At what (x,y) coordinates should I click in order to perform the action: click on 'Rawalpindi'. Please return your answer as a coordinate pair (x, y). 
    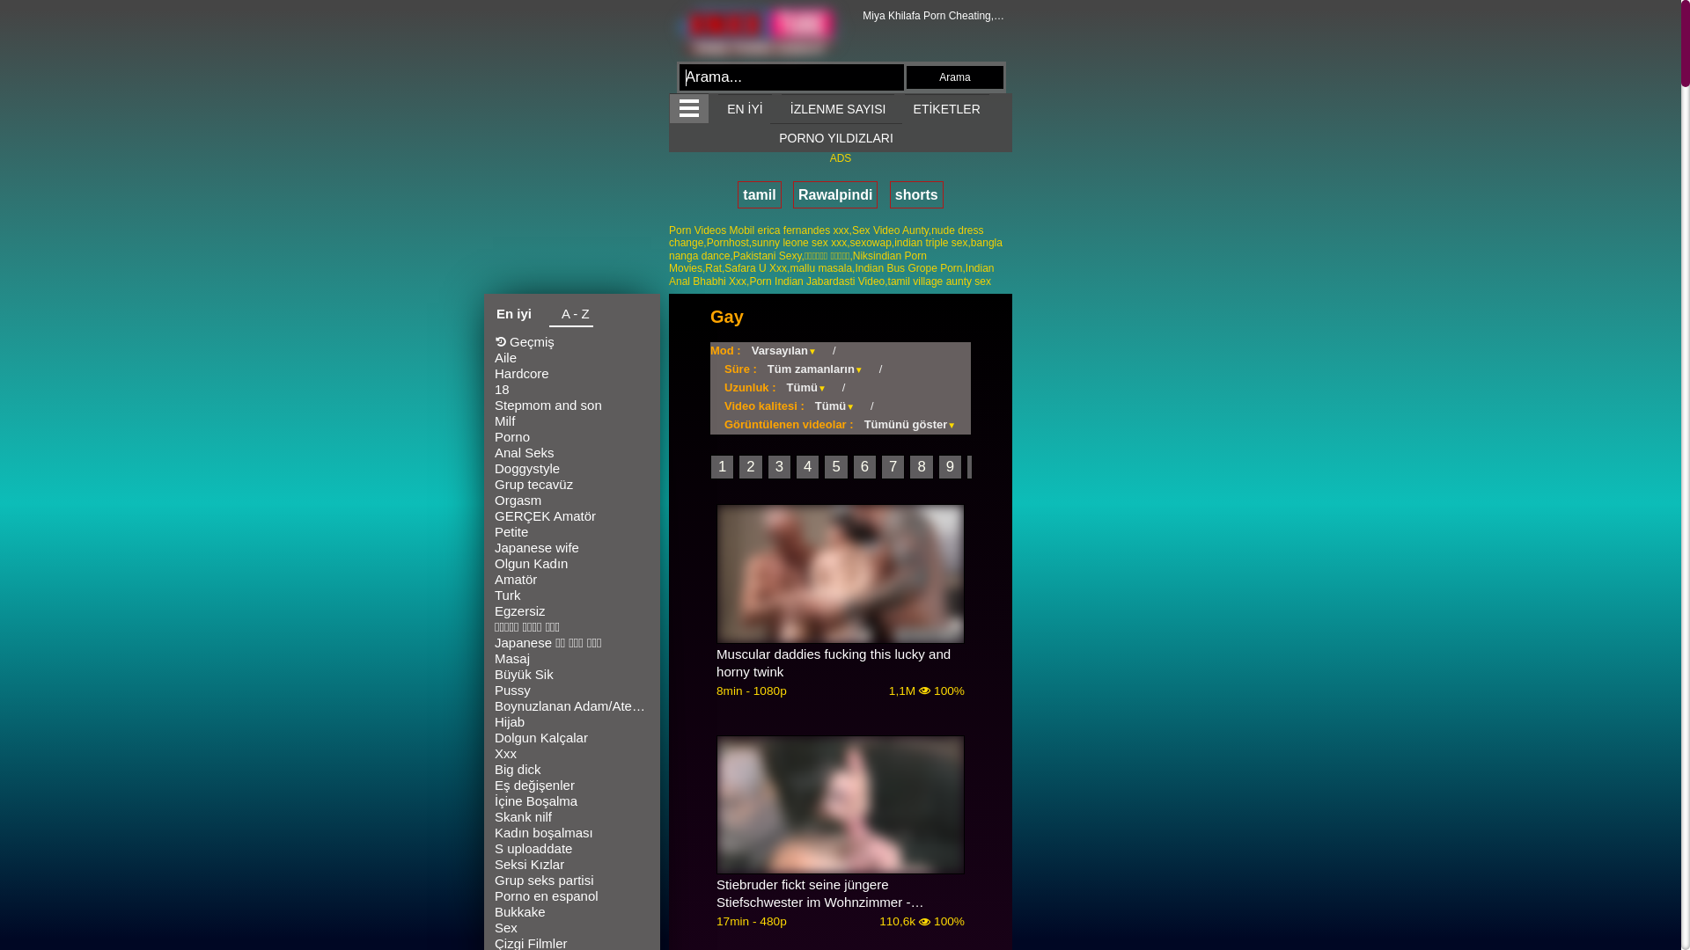
    Looking at the image, I should click on (834, 194).